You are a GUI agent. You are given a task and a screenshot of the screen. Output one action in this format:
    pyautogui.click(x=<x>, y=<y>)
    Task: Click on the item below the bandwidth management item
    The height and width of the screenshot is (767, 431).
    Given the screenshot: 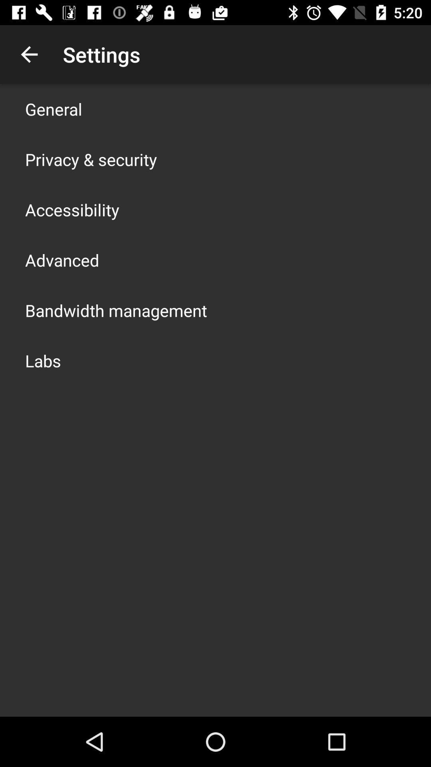 What is the action you would take?
    pyautogui.click(x=43, y=360)
    